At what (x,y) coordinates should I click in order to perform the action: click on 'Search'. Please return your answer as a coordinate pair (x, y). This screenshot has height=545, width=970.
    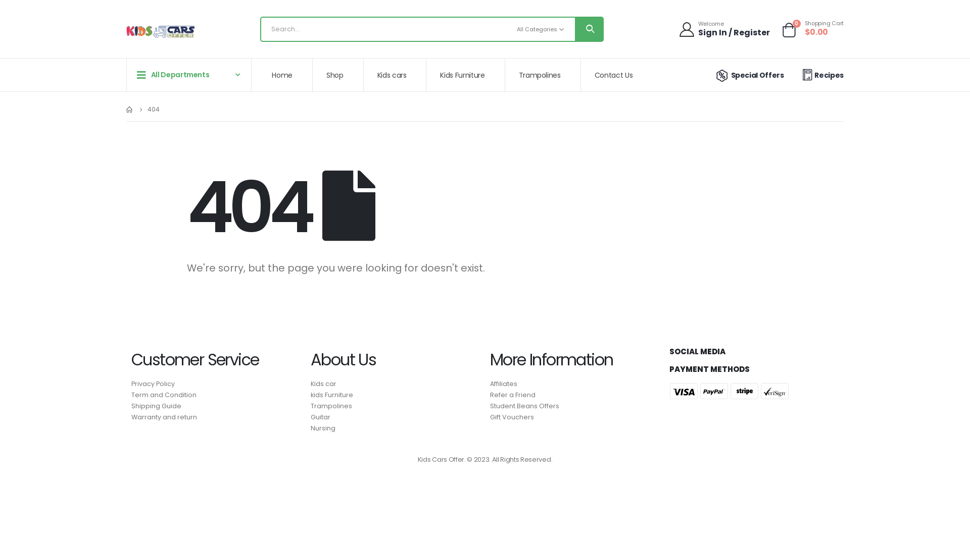
    Looking at the image, I should click on (574, 28).